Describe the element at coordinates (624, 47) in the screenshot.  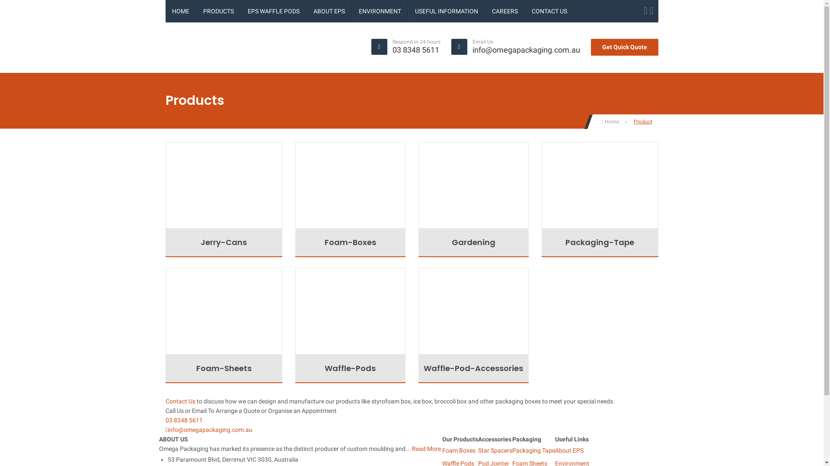
I see `'Get Quick Quote'` at that location.